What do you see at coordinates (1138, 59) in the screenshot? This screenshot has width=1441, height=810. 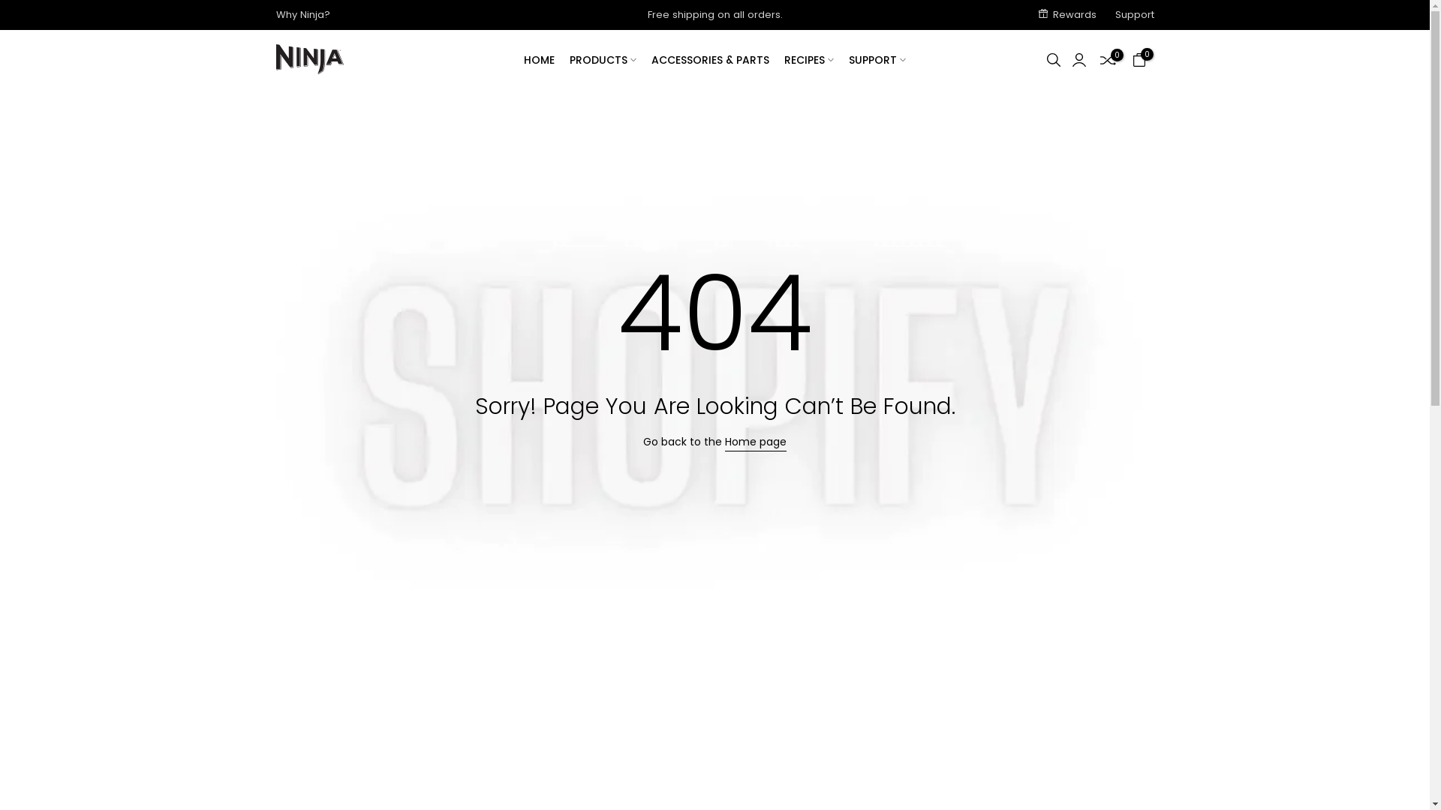 I see `'0'` at bounding box center [1138, 59].